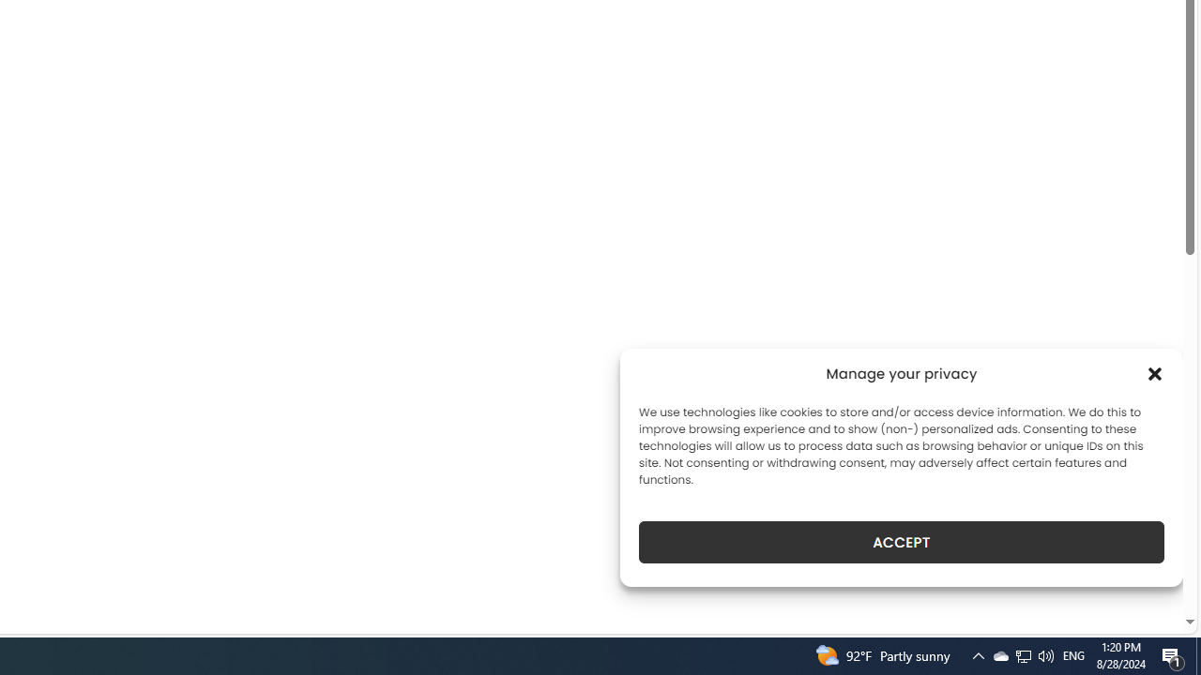 This screenshot has width=1201, height=675. Describe the element at coordinates (1154, 373) in the screenshot. I see `'Class: cmplz-close'` at that location.